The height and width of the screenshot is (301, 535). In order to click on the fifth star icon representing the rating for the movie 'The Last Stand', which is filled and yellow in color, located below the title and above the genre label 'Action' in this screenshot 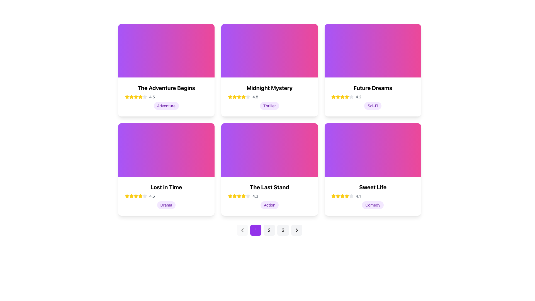, I will do `click(239, 196)`.